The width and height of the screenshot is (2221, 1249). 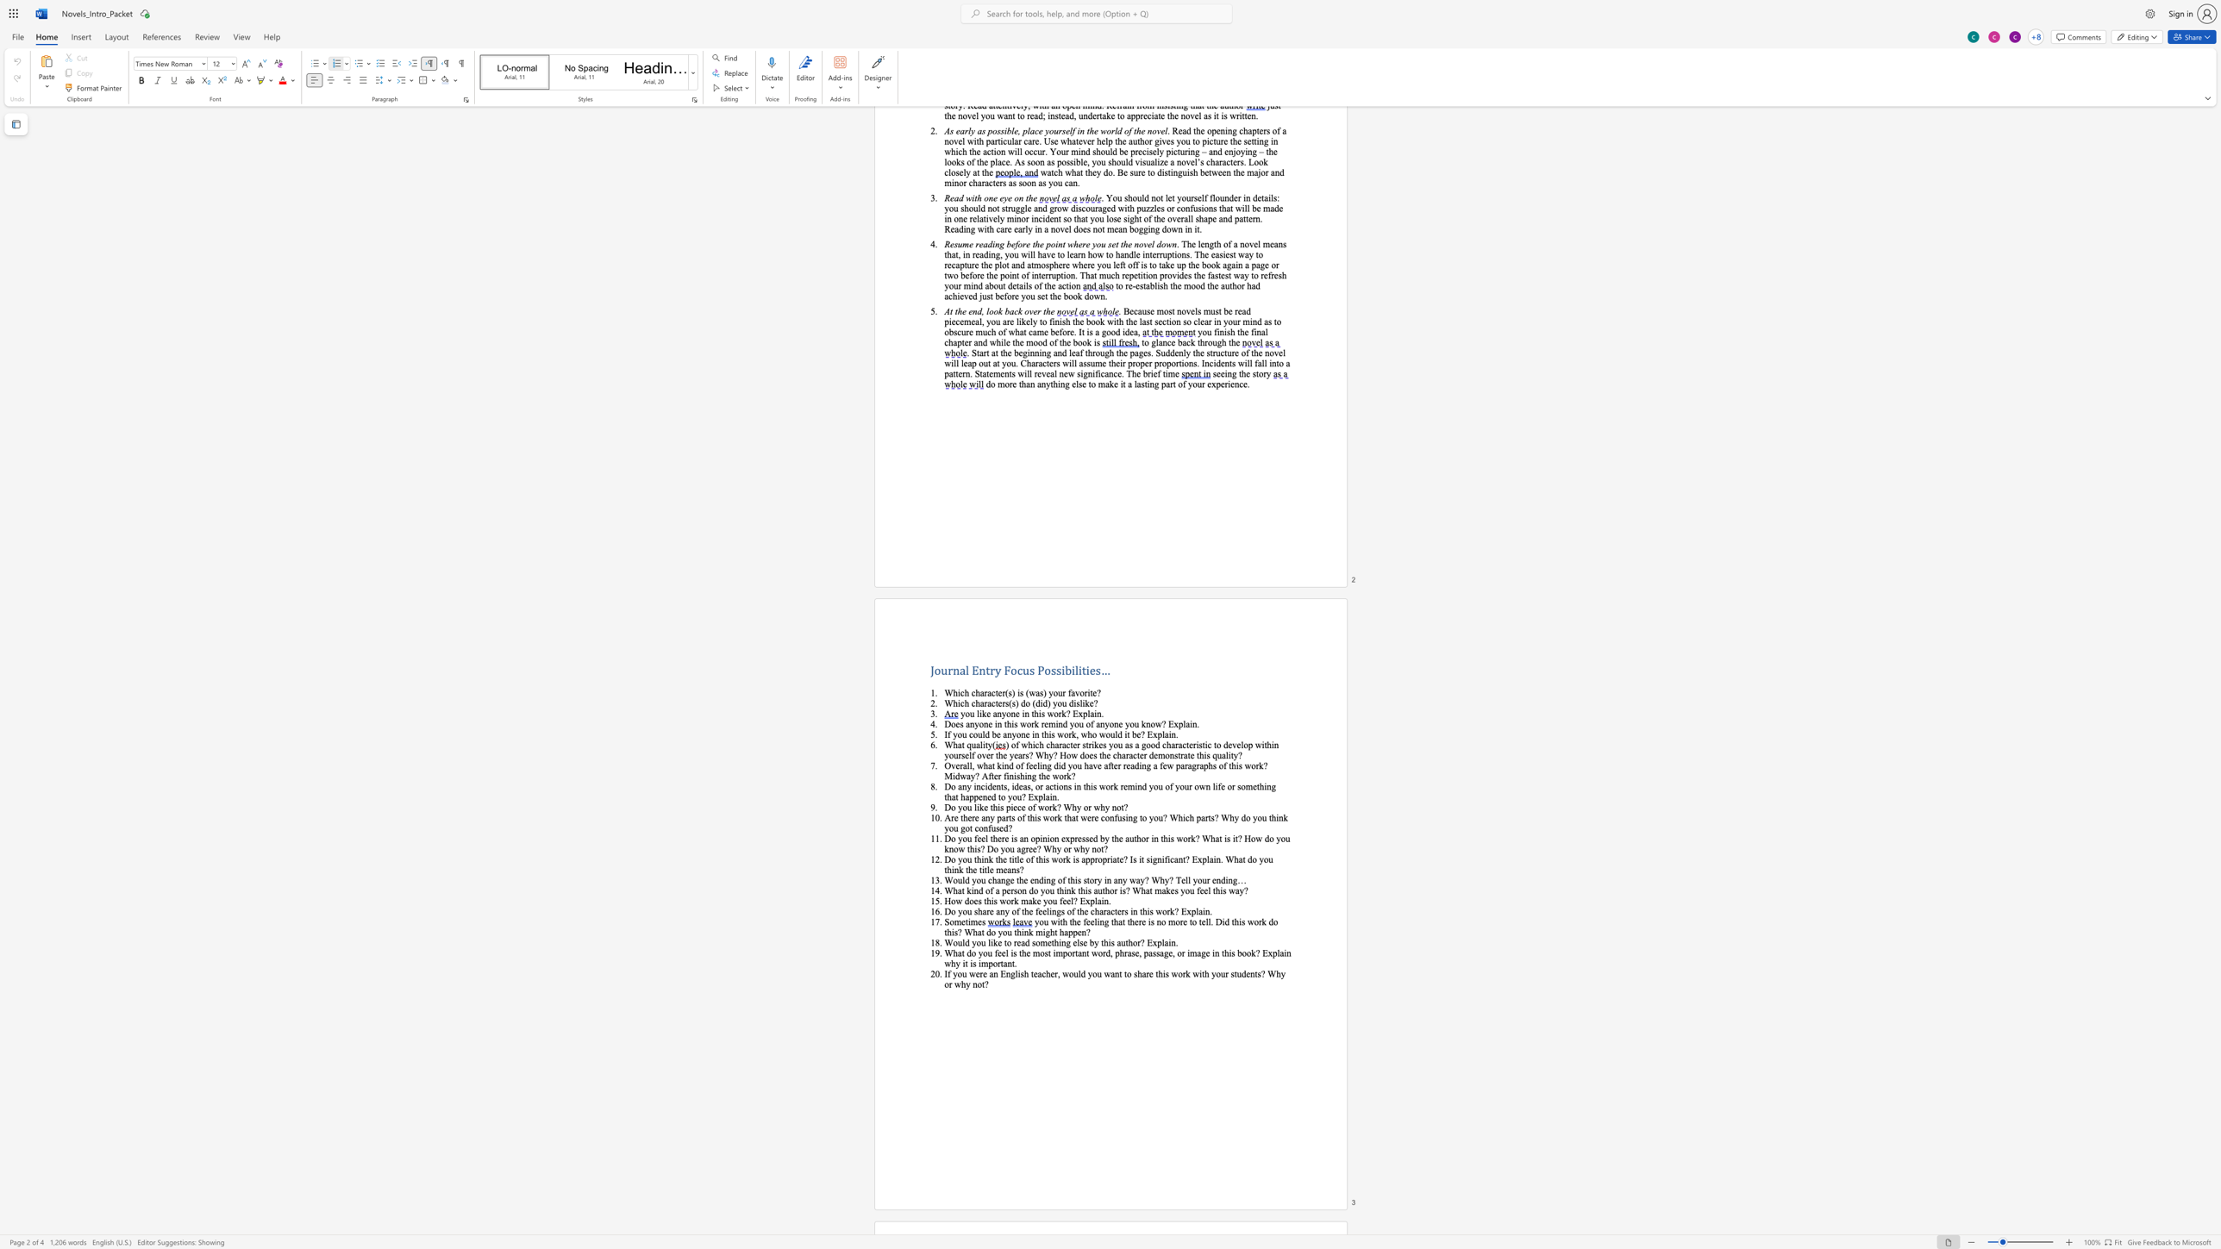 What do you see at coordinates (1090, 859) in the screenshot?
I see `the space between the continuous character "p" and "p" in the text` at bounding box center [1090, 859].